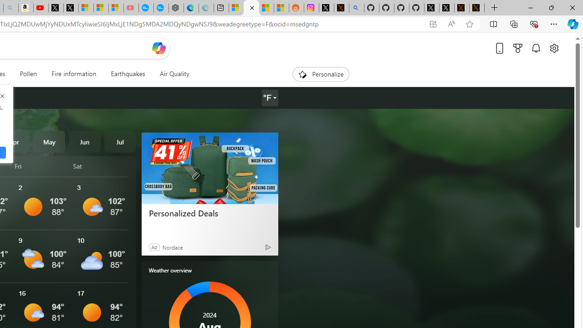 This screenshot has width=583, height=328. Describe the element at coordinates (209, 213) in the screenshot. I see `'Personalized Deals'` at that location.